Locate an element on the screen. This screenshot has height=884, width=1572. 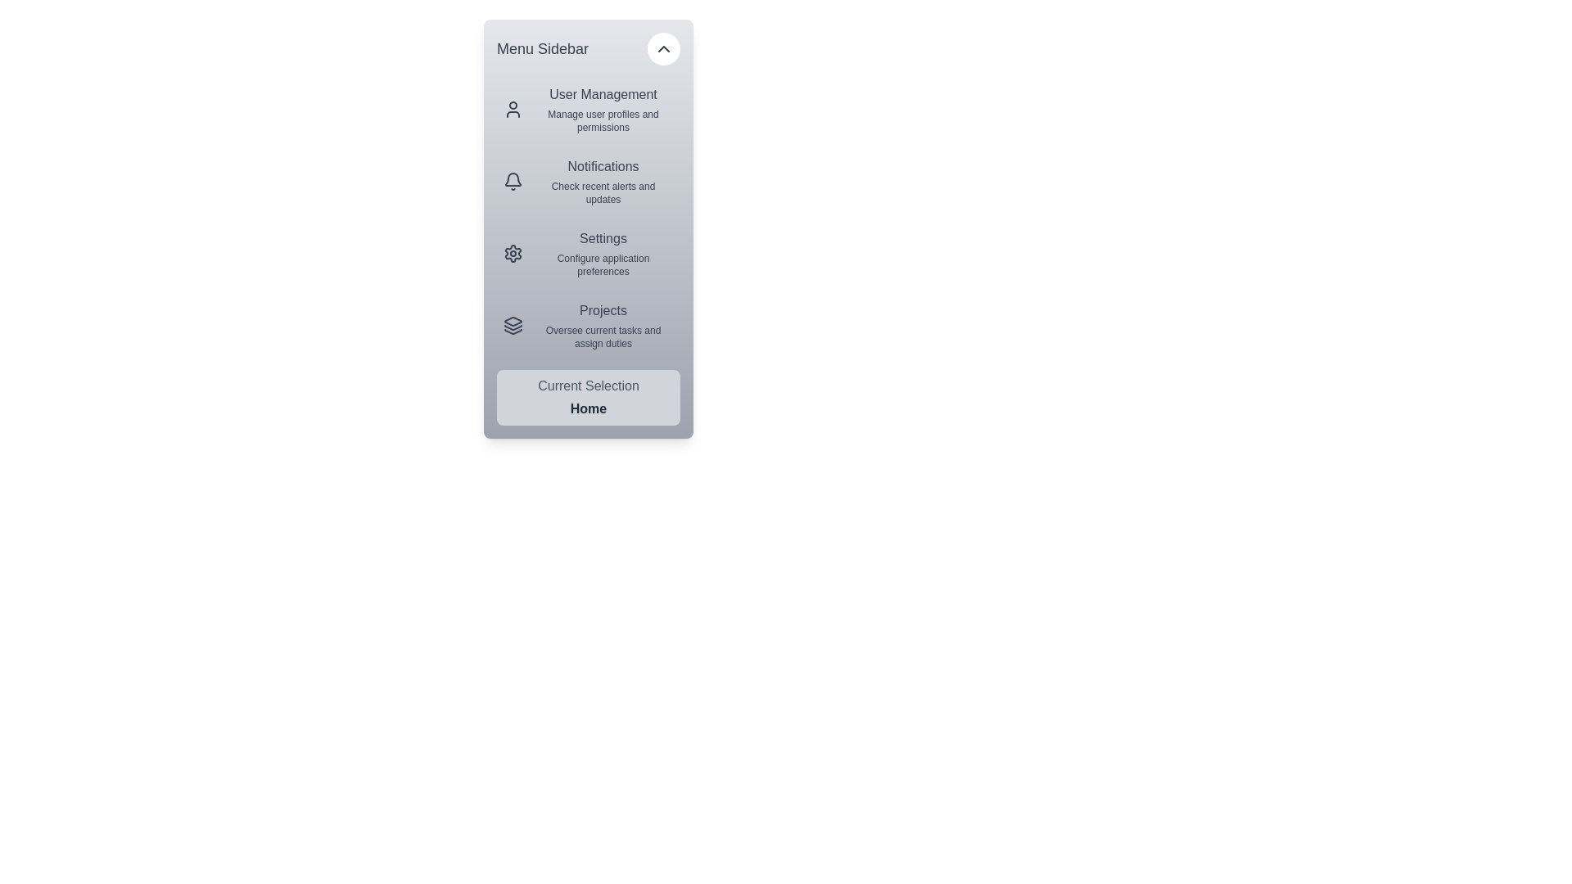
the second item in the sidebar menu that navigates to the notifications section is located at coordinates (589, 182).